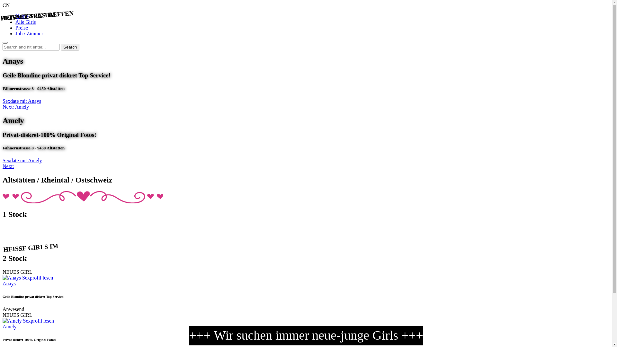 The width and height of the screenshot is (617, 347). I want to click on 'Next: Amely', so click(15, 106).